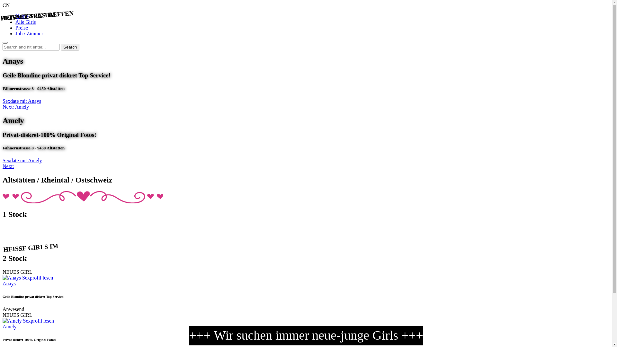 The width and height of the screenshot is (617, 347). I want to click on 'Next: Amely', so click(15, 106).